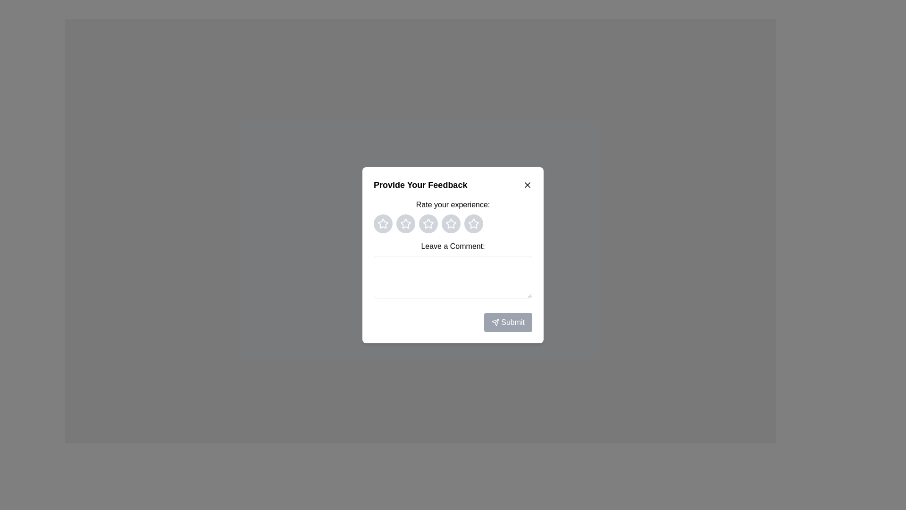 This screenshot has width=906, height=510. Describe the element at coordinates (405, 223) in the screenshot. I see `the second rating star button, which is a circular button with a light gray background and a white star icon, located at the top center of the modal interface beneath the 'Rate your experience' text label` at that location.